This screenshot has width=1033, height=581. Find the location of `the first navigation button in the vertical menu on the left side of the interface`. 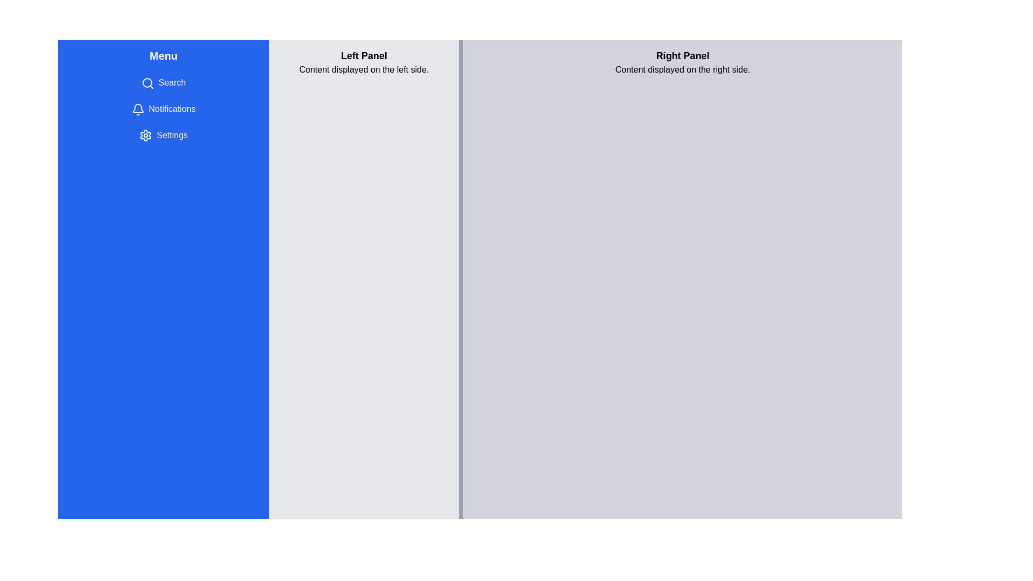

the first navigation button in the vertical menu on the left side of the interface is located at coordinates (163, 82).